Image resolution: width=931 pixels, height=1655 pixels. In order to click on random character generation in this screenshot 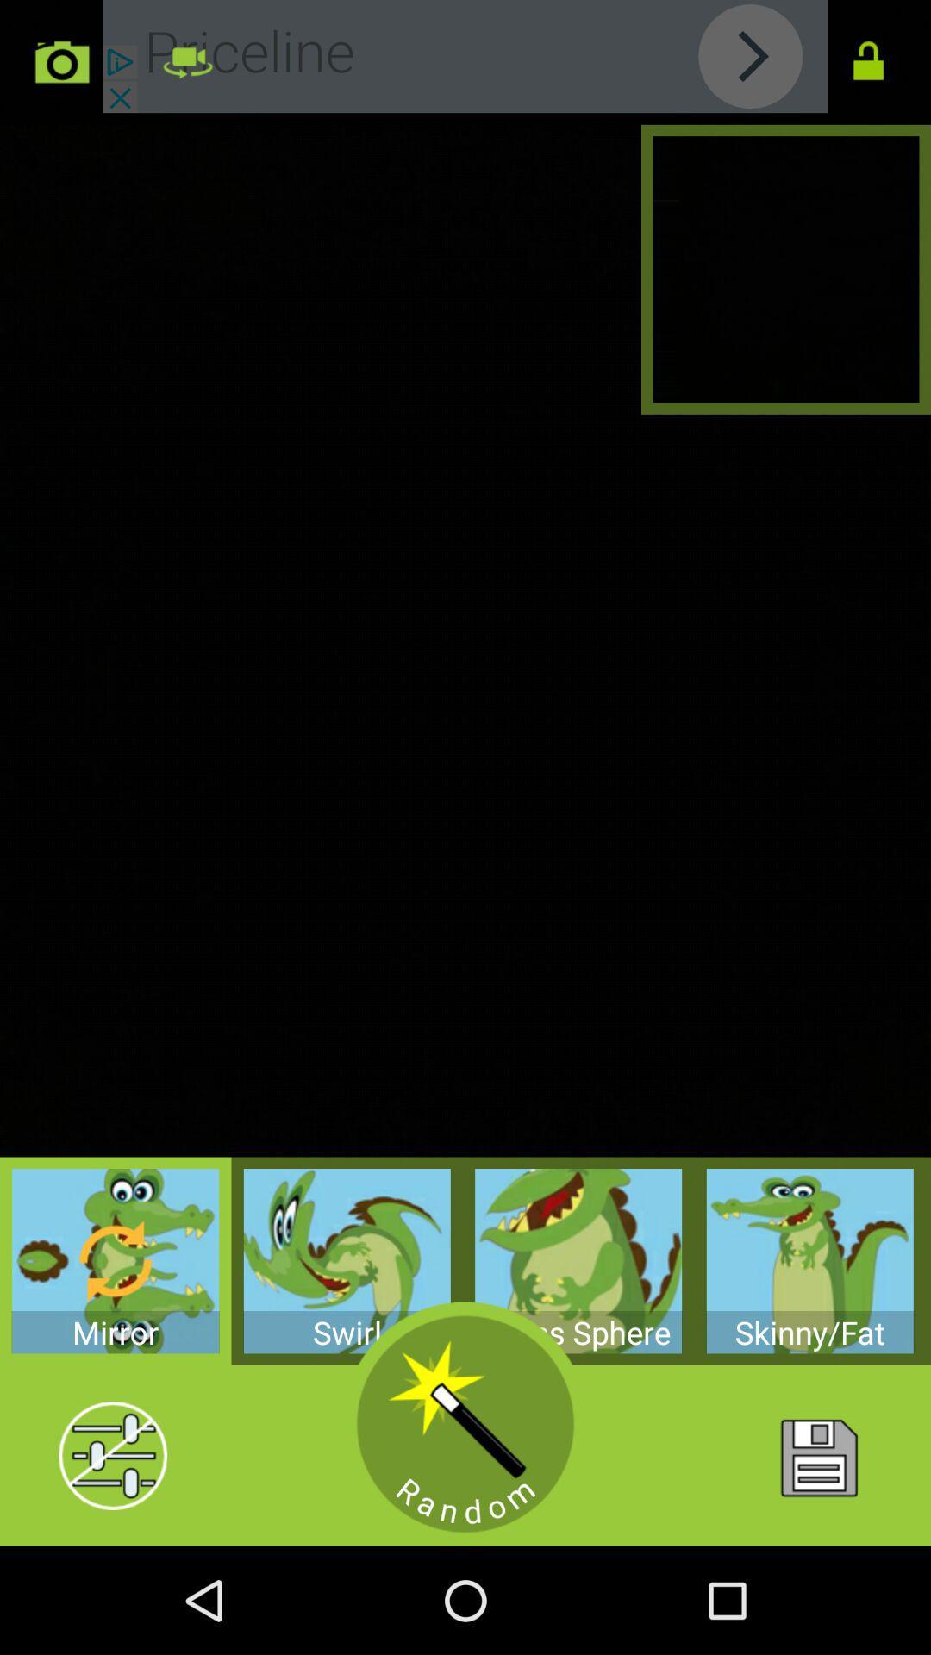, I will do `click(465, 1424)`.